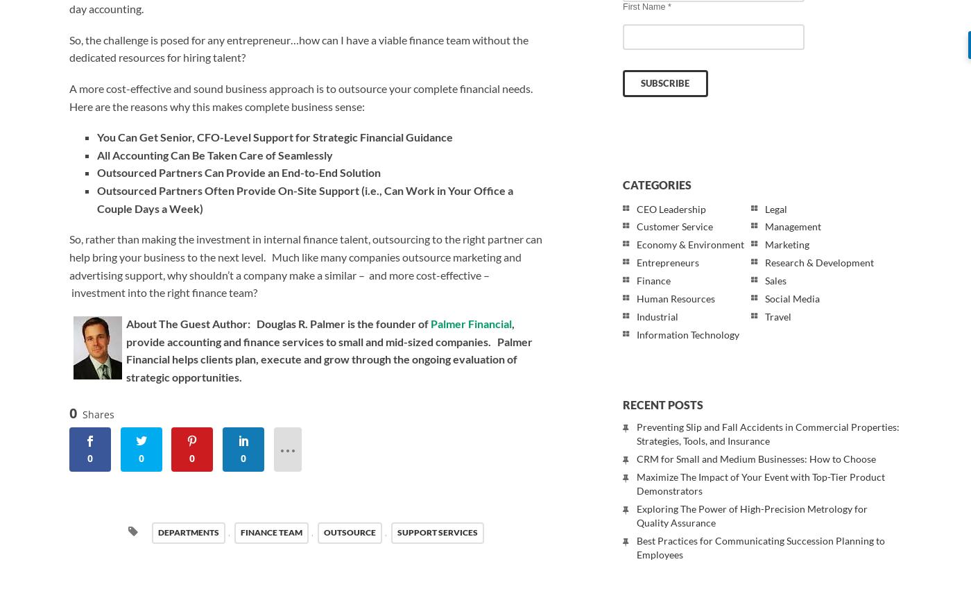 The image size is (971, 607). Describe the element at coordinates (761, 547) in the screenshot. I see `'Best Practices for Communicating Succession Planning to Employees'` at that location.